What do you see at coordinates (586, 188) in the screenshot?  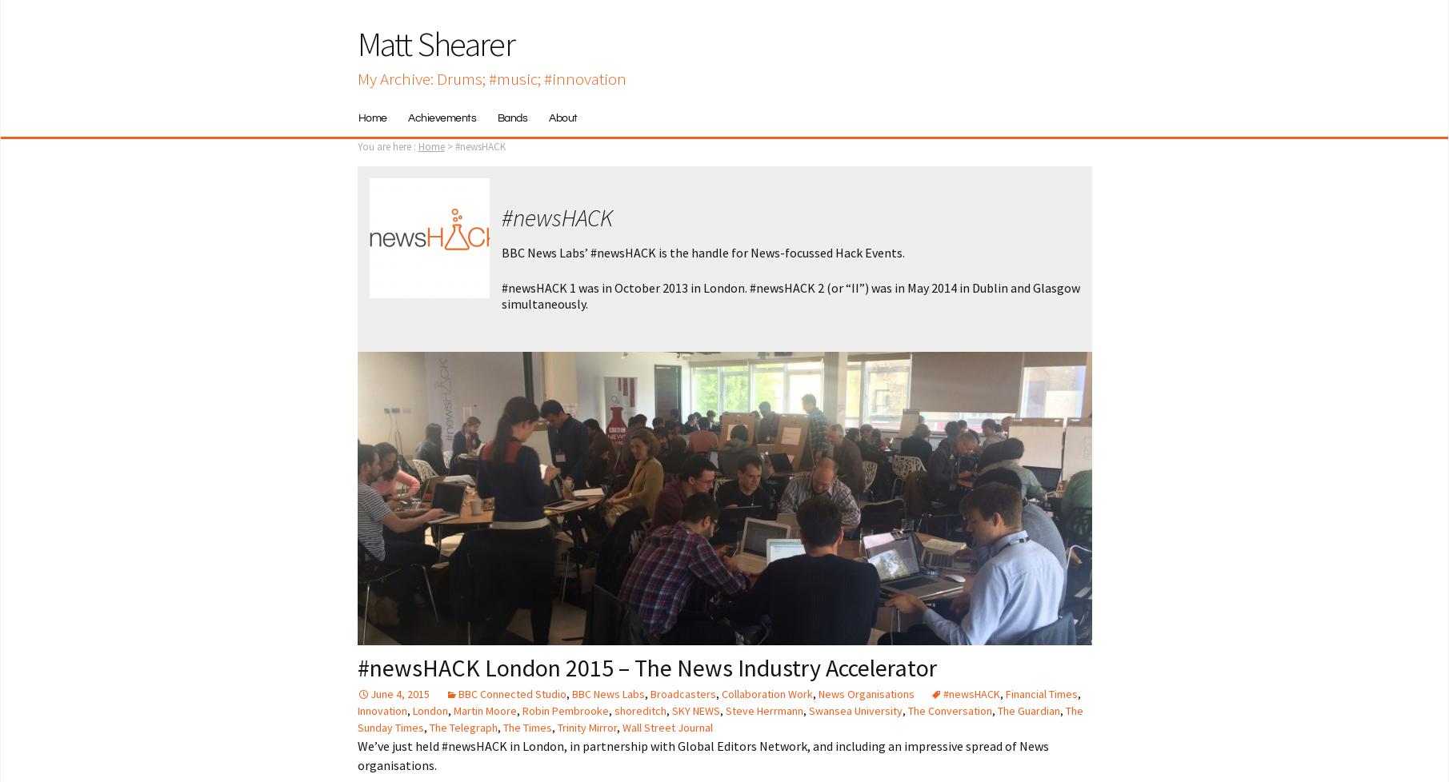 I see `'Job role updates'` at bounding box center [586, 188].